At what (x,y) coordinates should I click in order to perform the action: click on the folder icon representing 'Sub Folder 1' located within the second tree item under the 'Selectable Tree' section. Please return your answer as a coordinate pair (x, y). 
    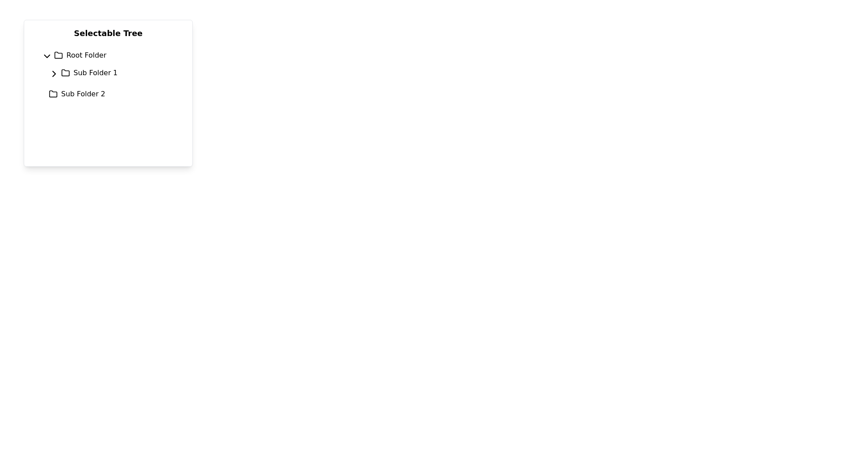
    Looking at the image, I should click on (65, 72).